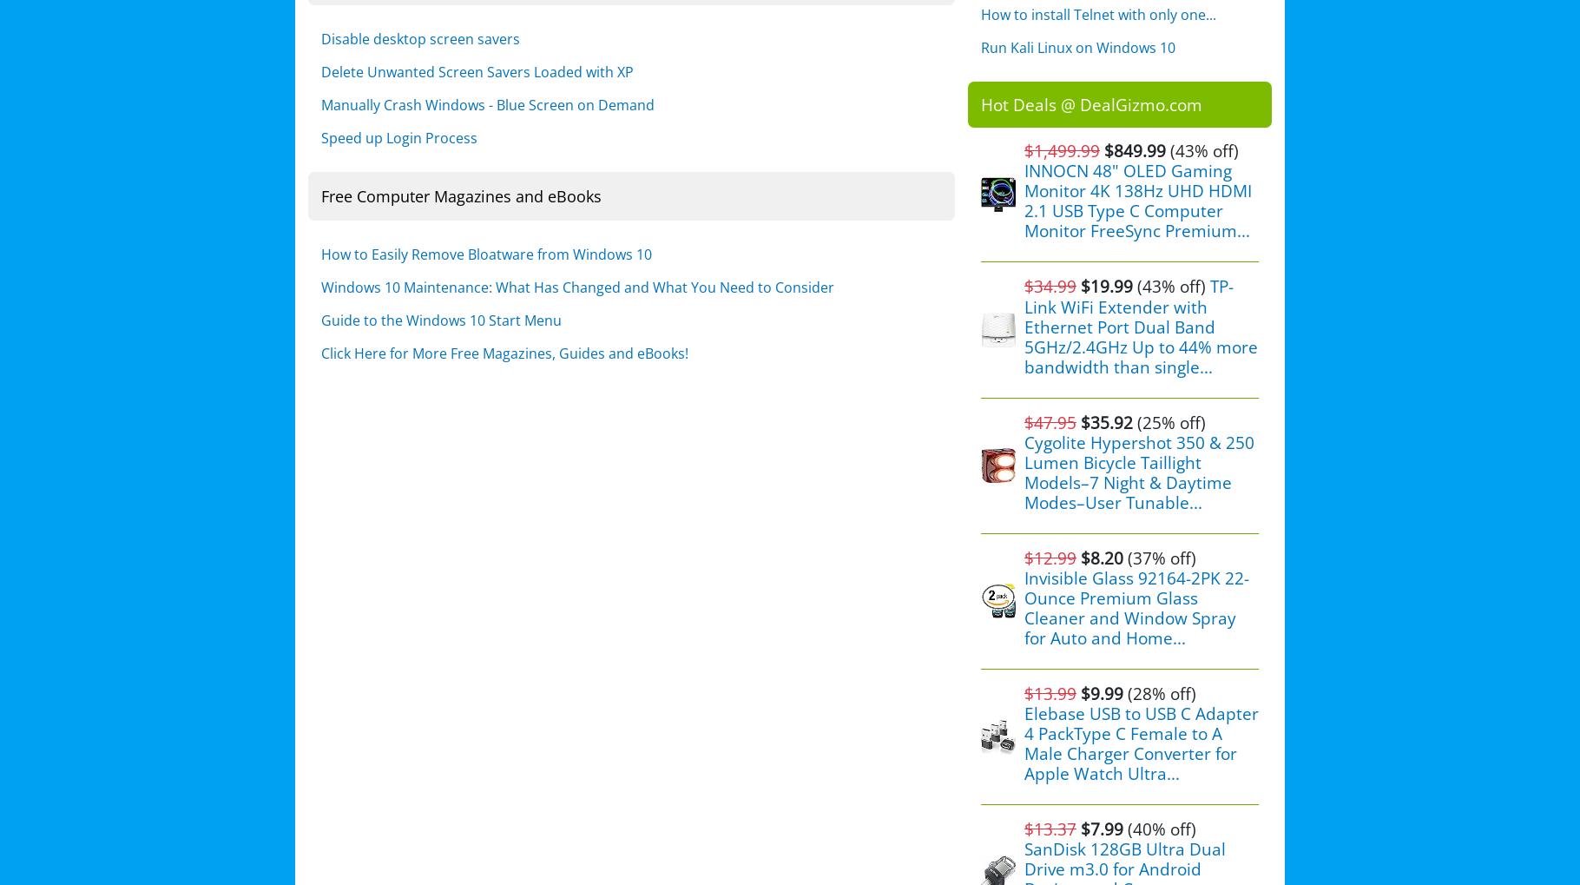 This screenshot has height=885, width=1580. Describe the element at coordinates (1100, 692) in the screenshot. I see `'$9.99'` at that location.